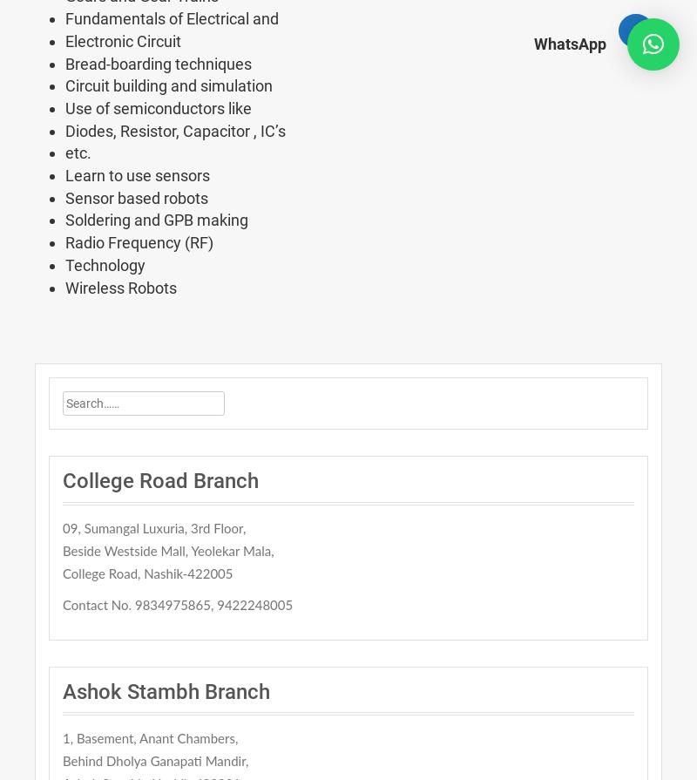 This screenshot has height=780, width=697. What do you see at coordinates (65, 264) in the screenshot?
I see `'Technology'` at bounding box center [65, 264].